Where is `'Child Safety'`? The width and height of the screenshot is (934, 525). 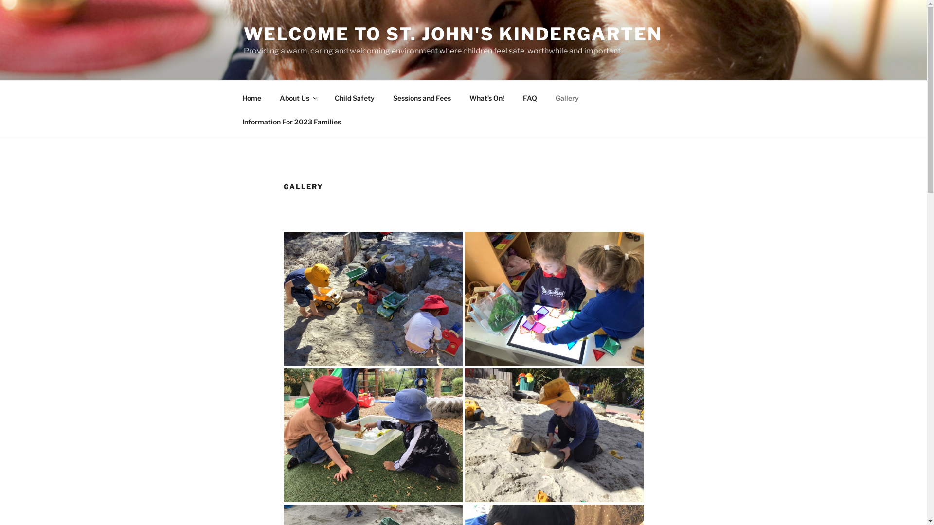
'Child Safety' is located at coordinates (354, 97).